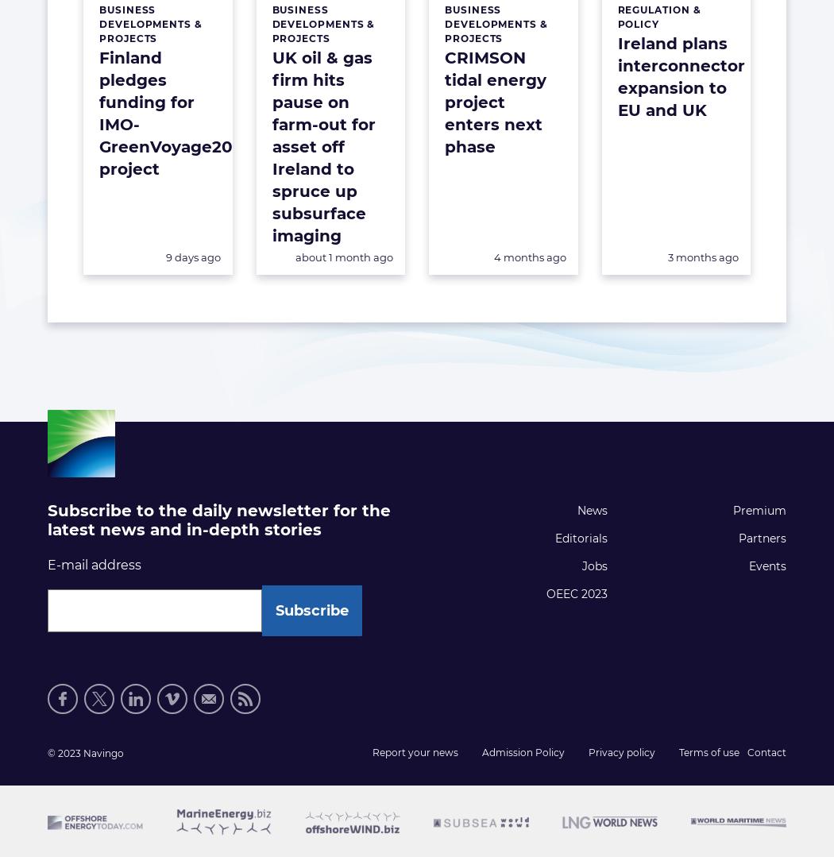  Describe the element at coordinates (762, 539) in the screenshot. I see `'Partners'` at that location.